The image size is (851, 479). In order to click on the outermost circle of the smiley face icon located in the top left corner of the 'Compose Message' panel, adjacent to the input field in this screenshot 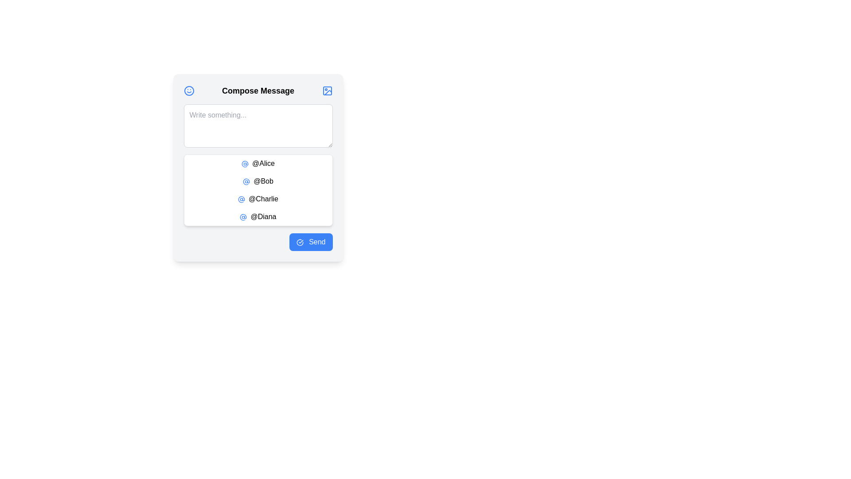, I will do `click(188, 90)`.